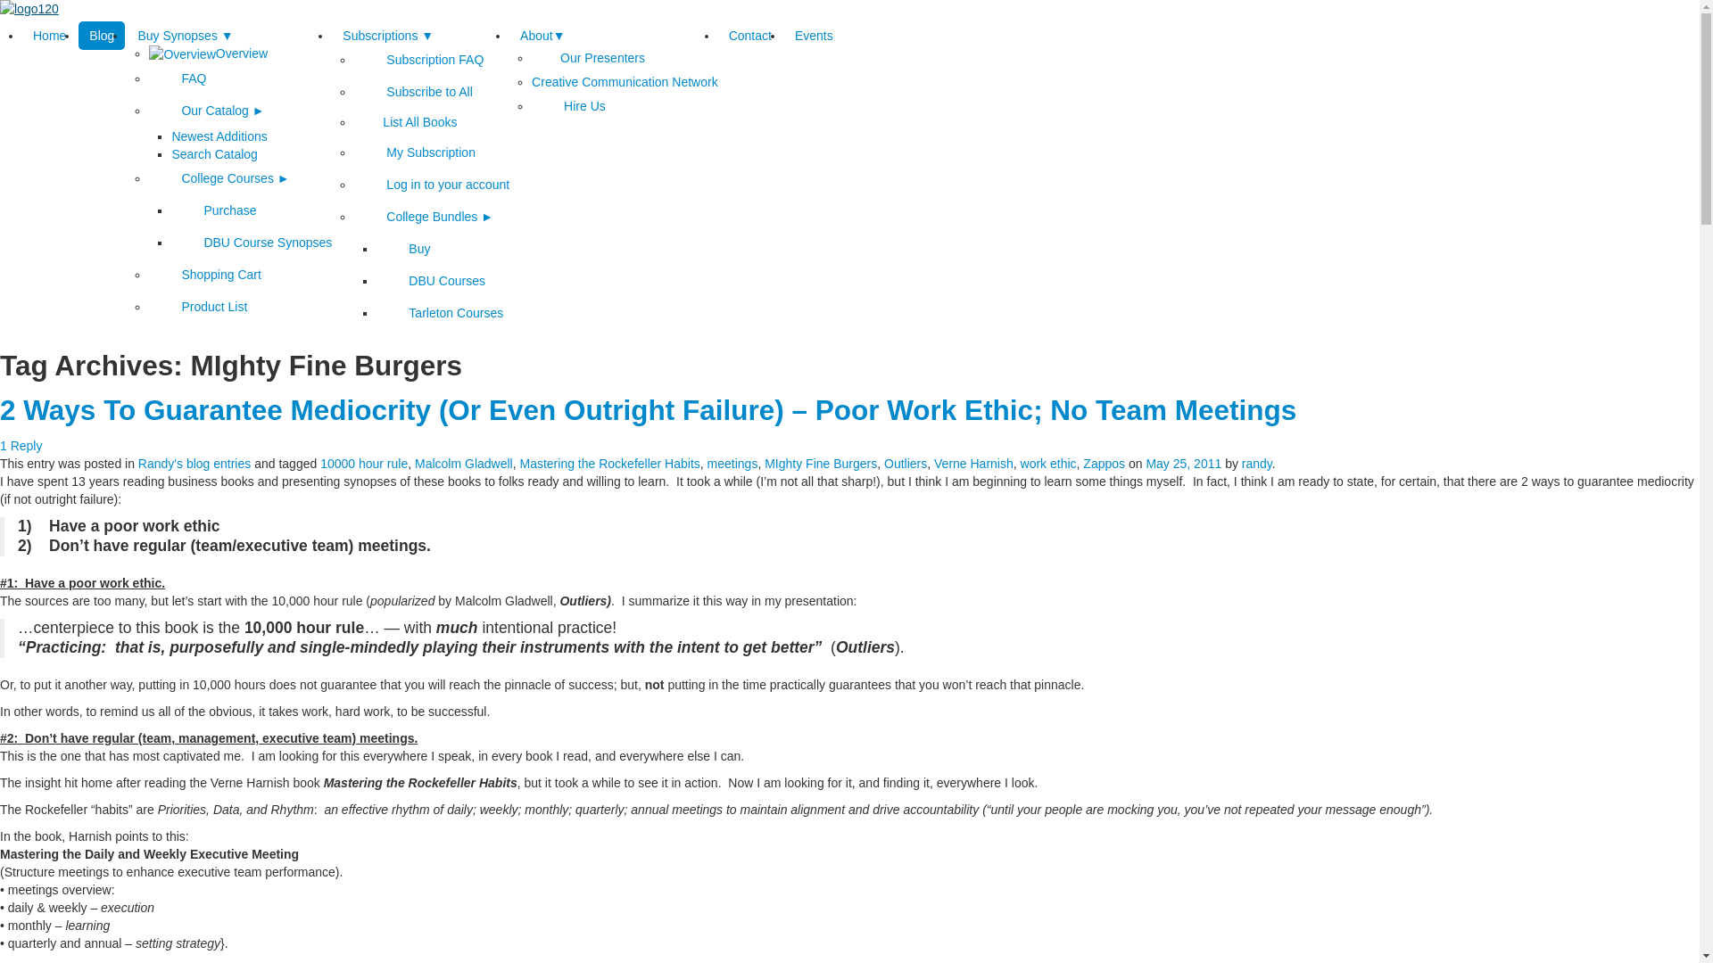 The width and height of the screenshot is (1713, 963). I want to click on 'Verne Harnish', so click(972, 463).